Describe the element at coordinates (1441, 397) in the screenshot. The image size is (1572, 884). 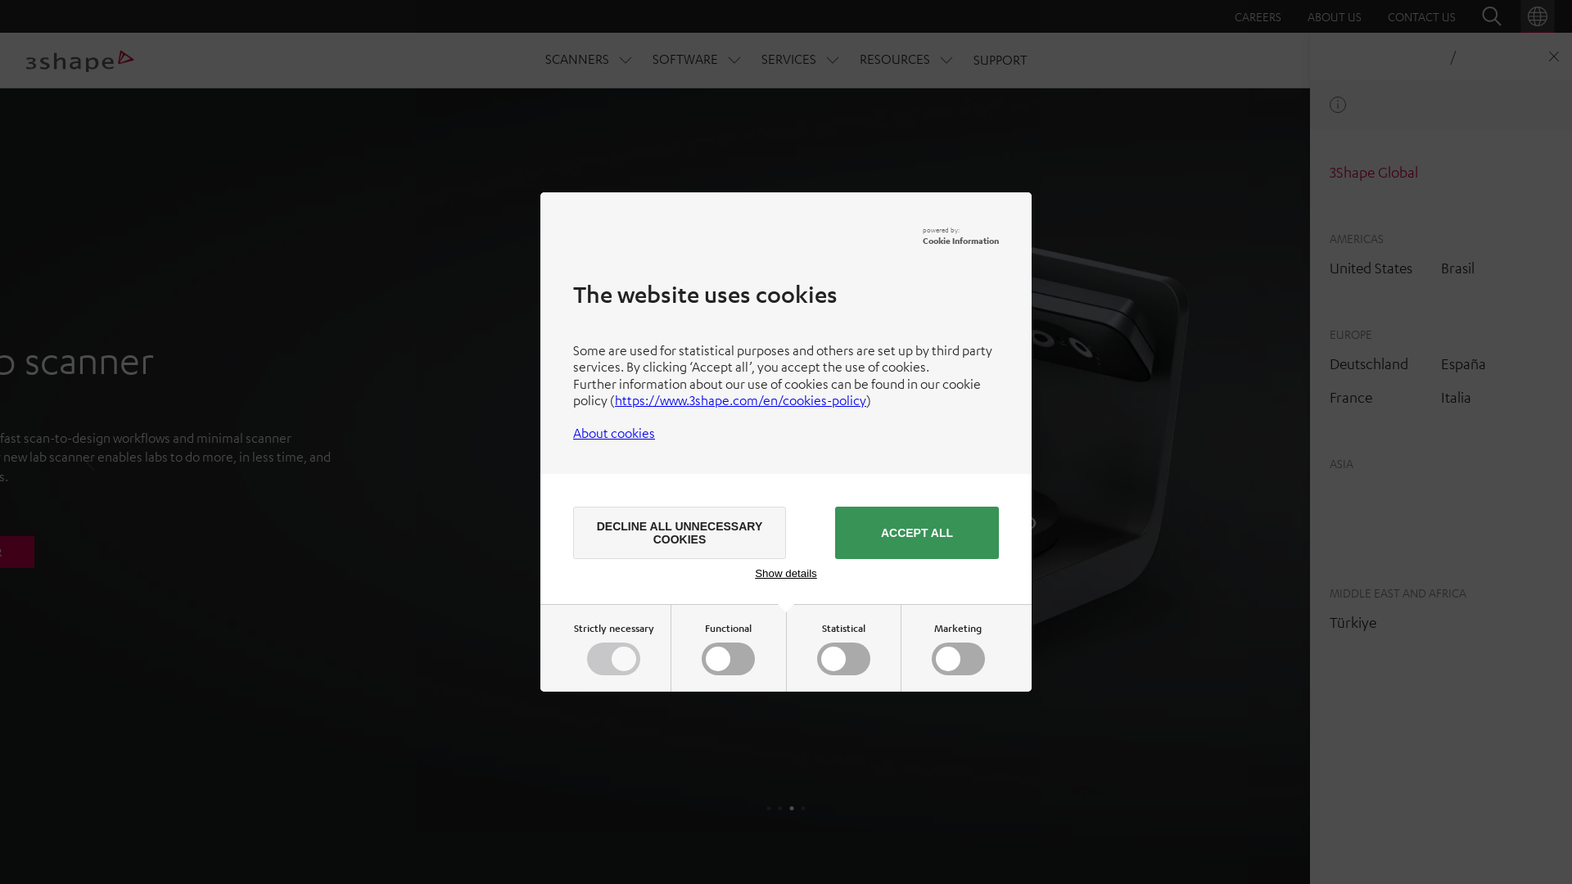
I see `'Italia'` at that location.